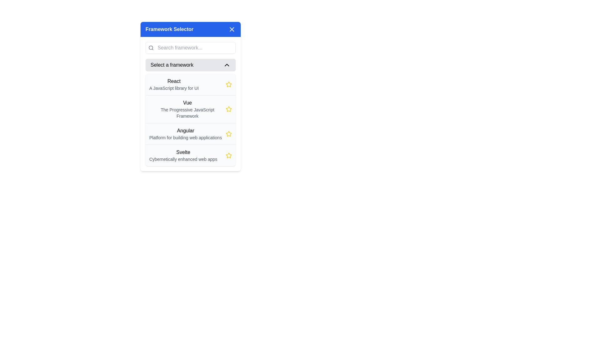  I want to click on text content of the Vue framework description located directly beneath the title 'Vue' in the 'Framework Selector' dropdown menu, so click(187, 113).